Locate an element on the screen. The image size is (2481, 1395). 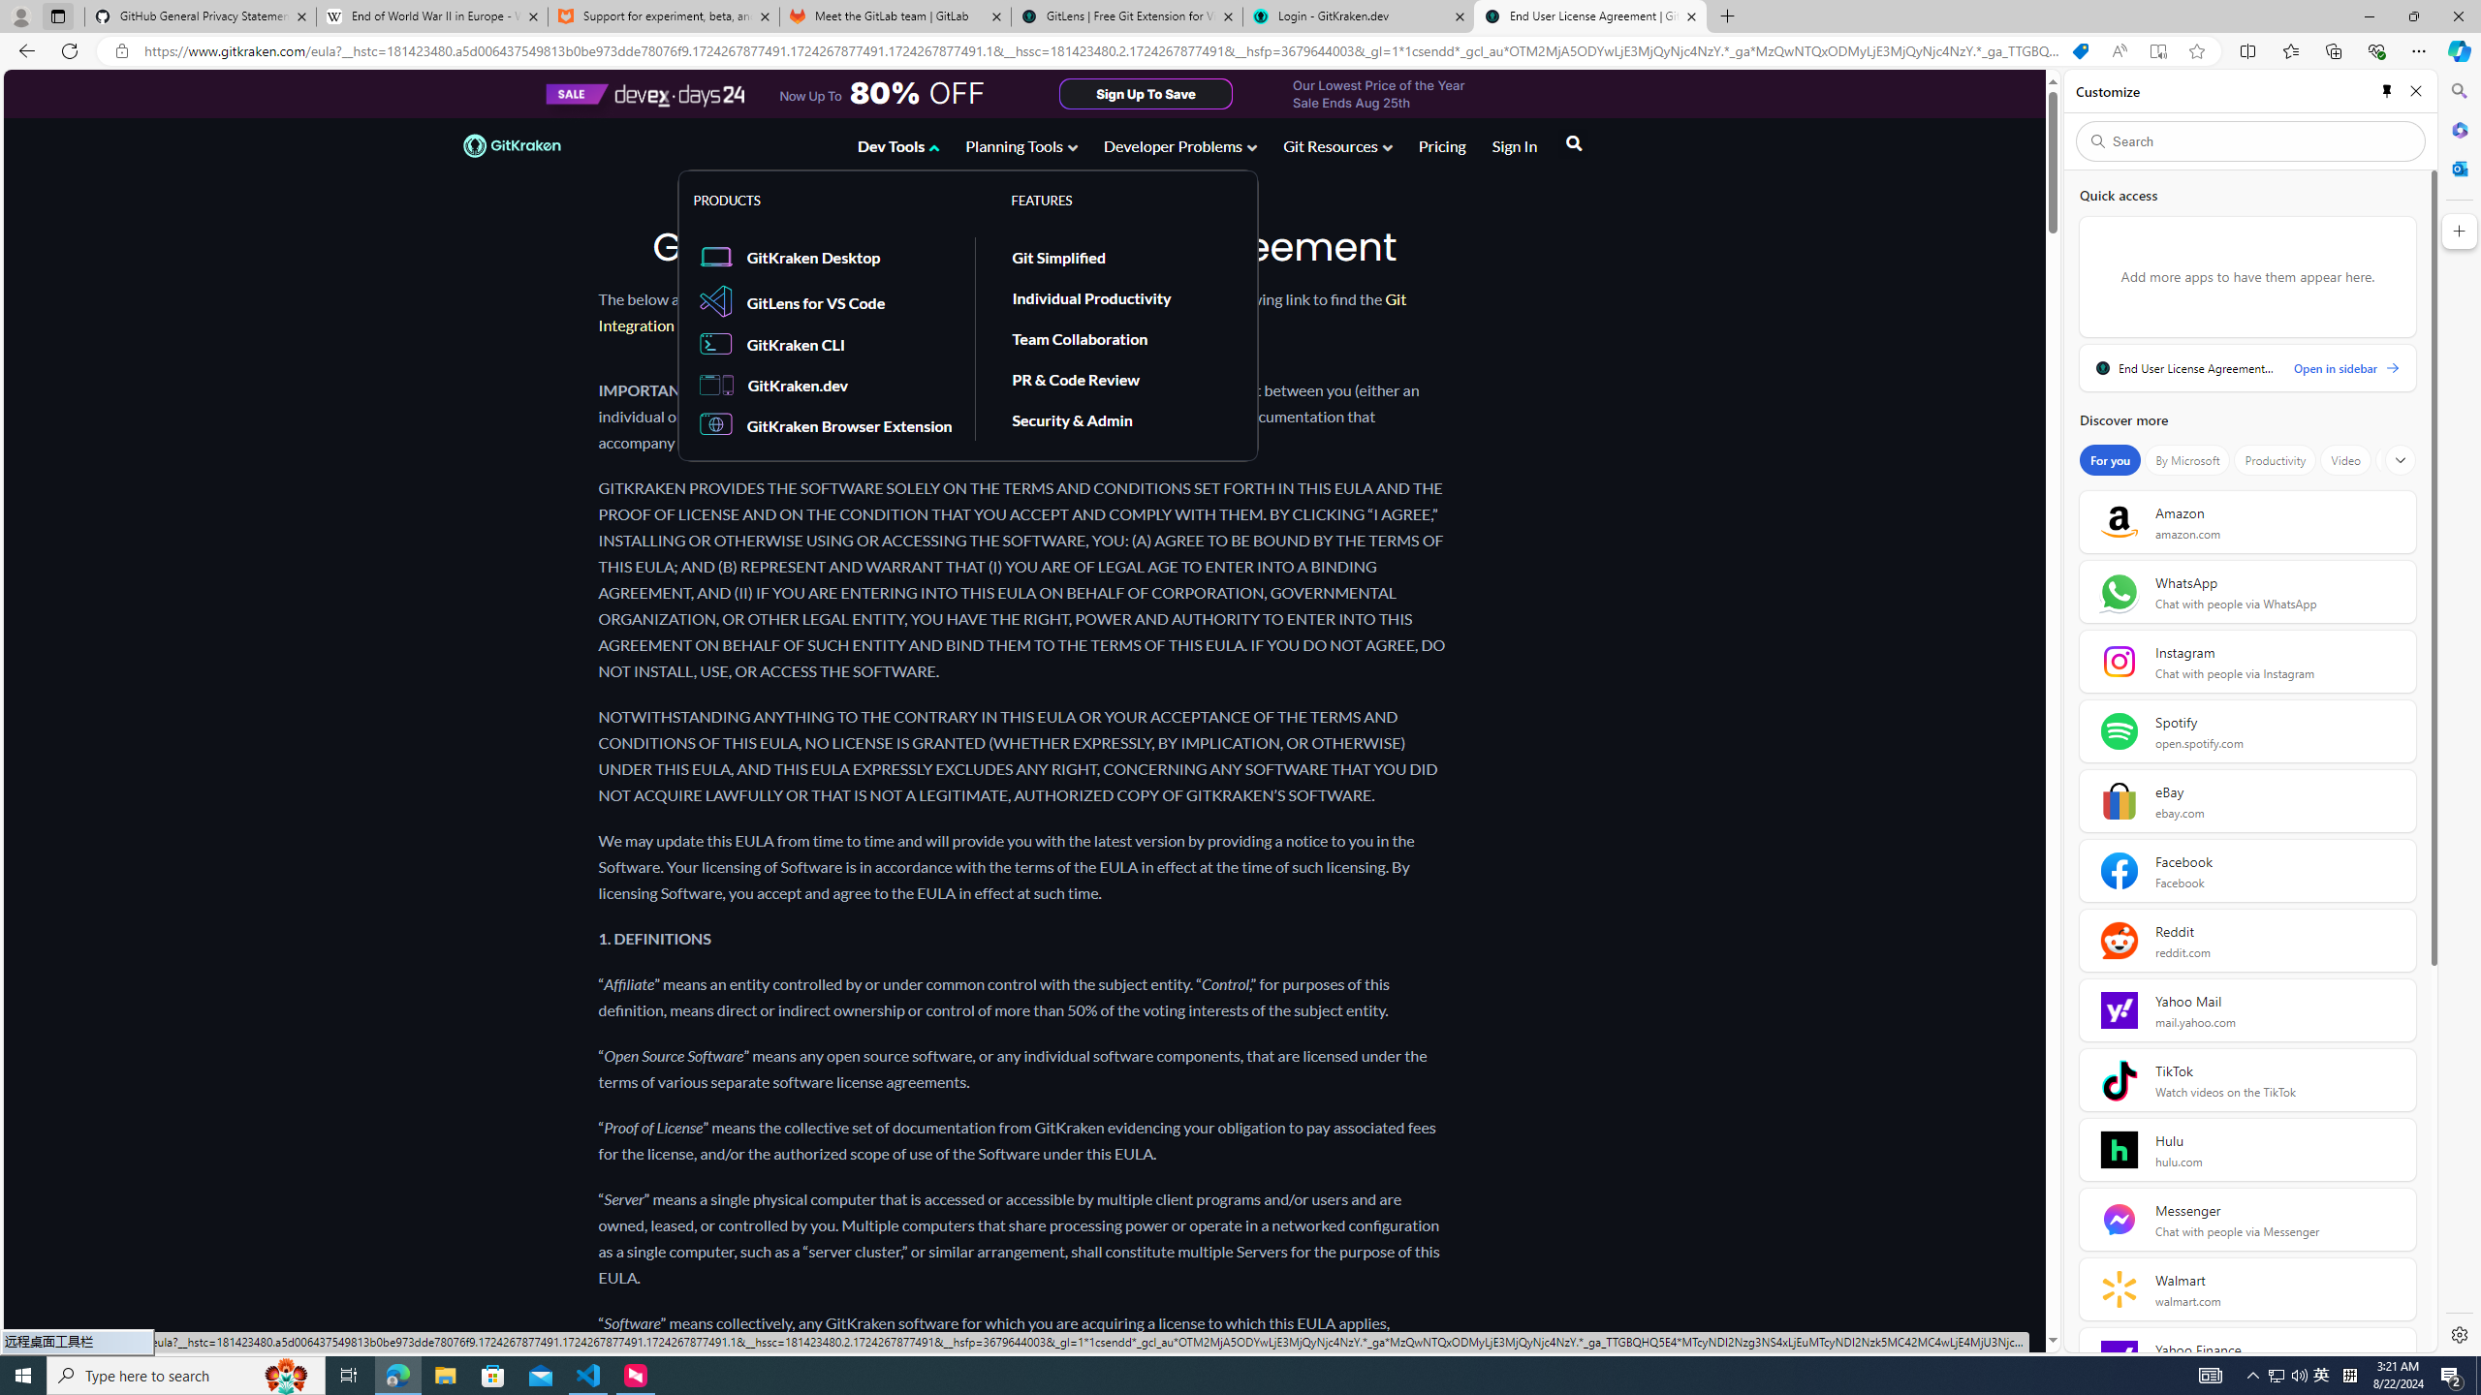
'End of World War II in Europe - Wikipedia' is located at coordinates (430, 15).